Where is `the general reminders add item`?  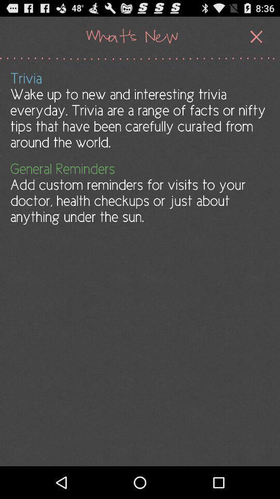
the general reminders add item is located at coordinates (139, 192).